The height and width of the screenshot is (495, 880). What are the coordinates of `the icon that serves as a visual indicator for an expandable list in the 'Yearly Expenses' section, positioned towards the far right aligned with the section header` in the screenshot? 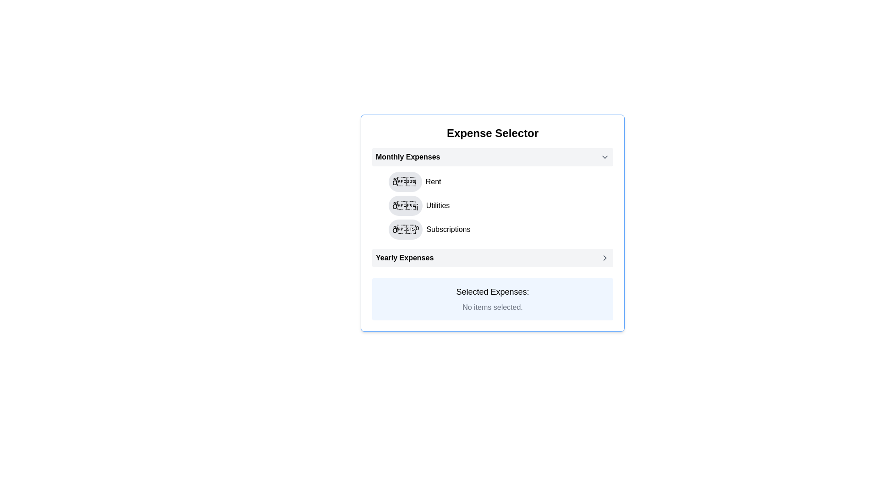 It's located at (605, 258).